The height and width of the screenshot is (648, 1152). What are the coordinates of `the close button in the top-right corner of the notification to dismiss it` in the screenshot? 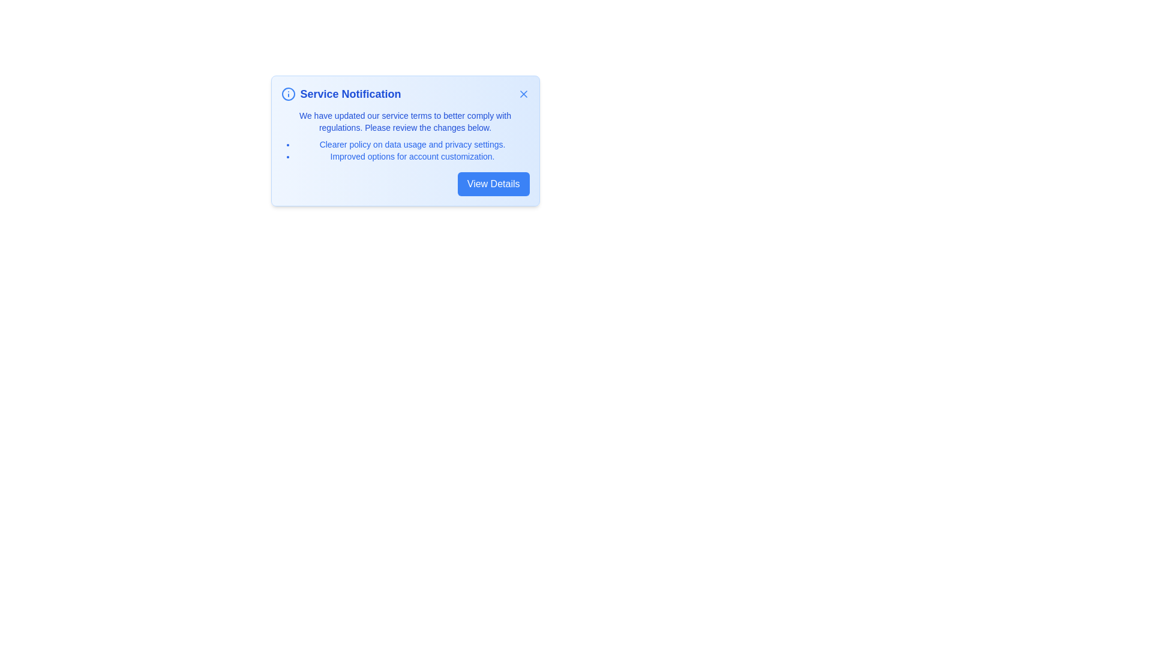 It's located at (523, 94).